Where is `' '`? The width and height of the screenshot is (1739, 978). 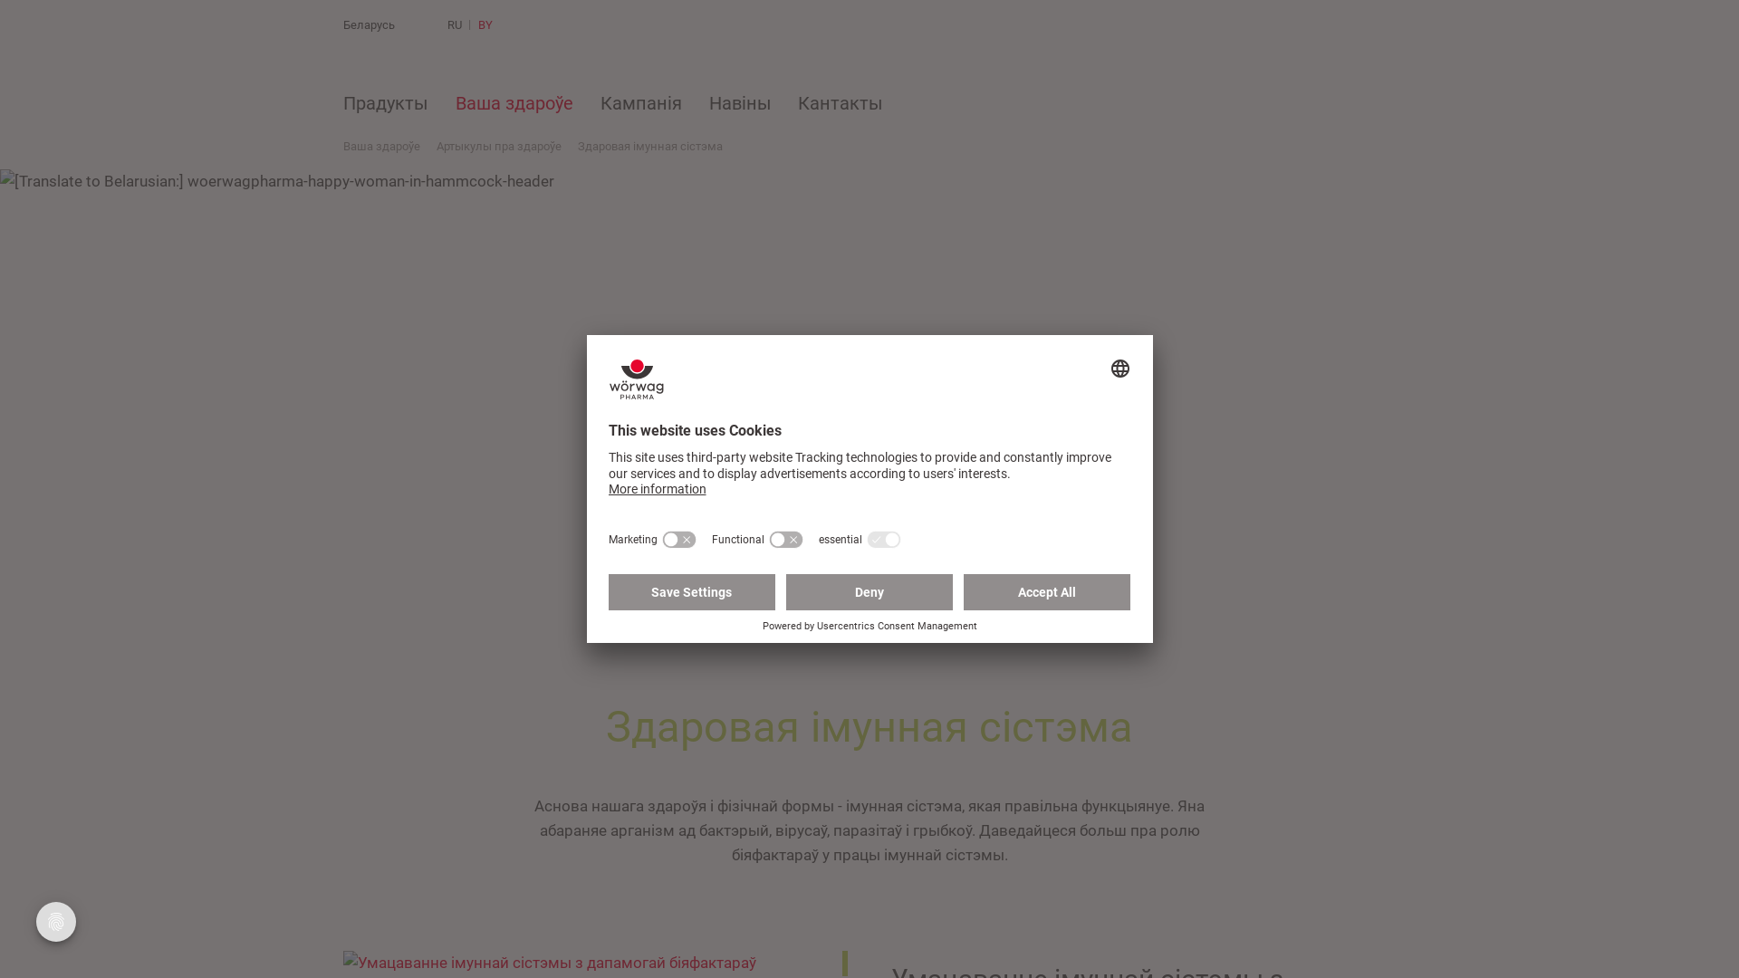 ' ' is located at coordinates (534, 24).